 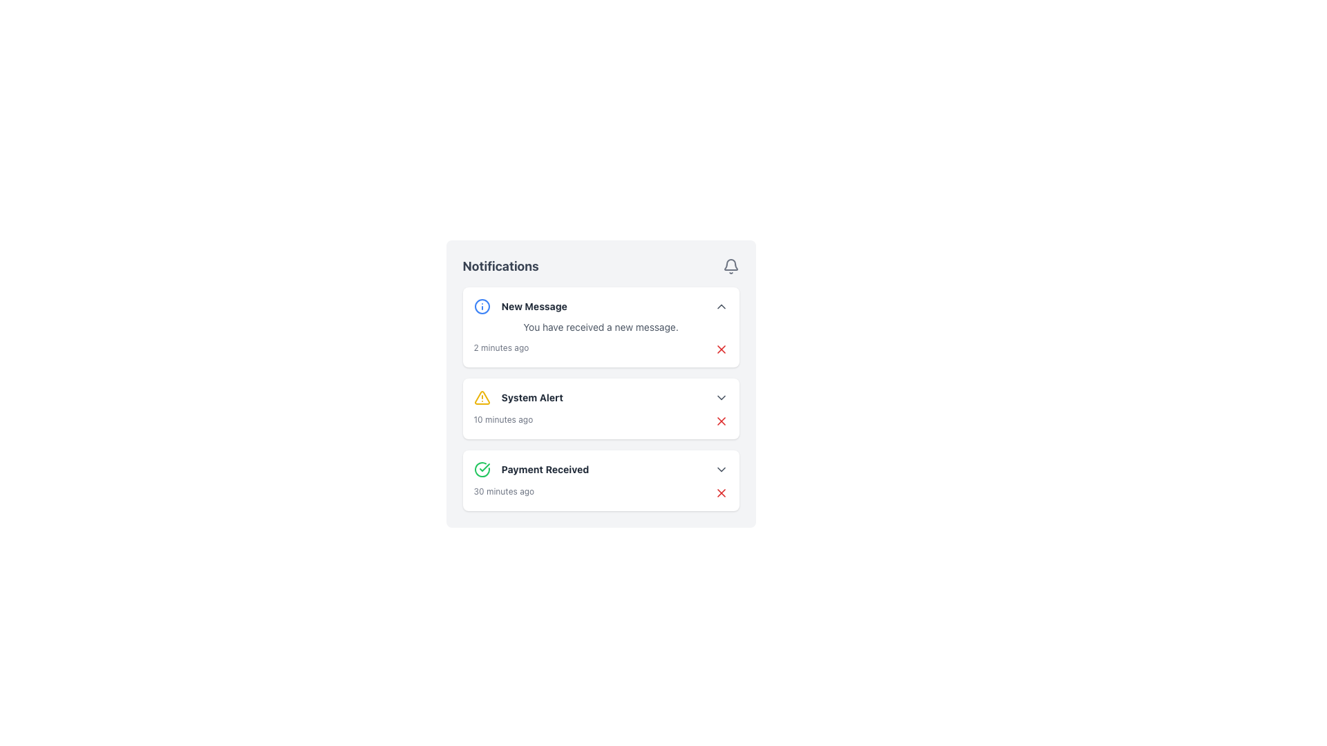 I want to click on the yellow triangular warning icon with an exclamation mark in the center, which is part of the 'System Alert' notification card, so click(x=482, y=397).